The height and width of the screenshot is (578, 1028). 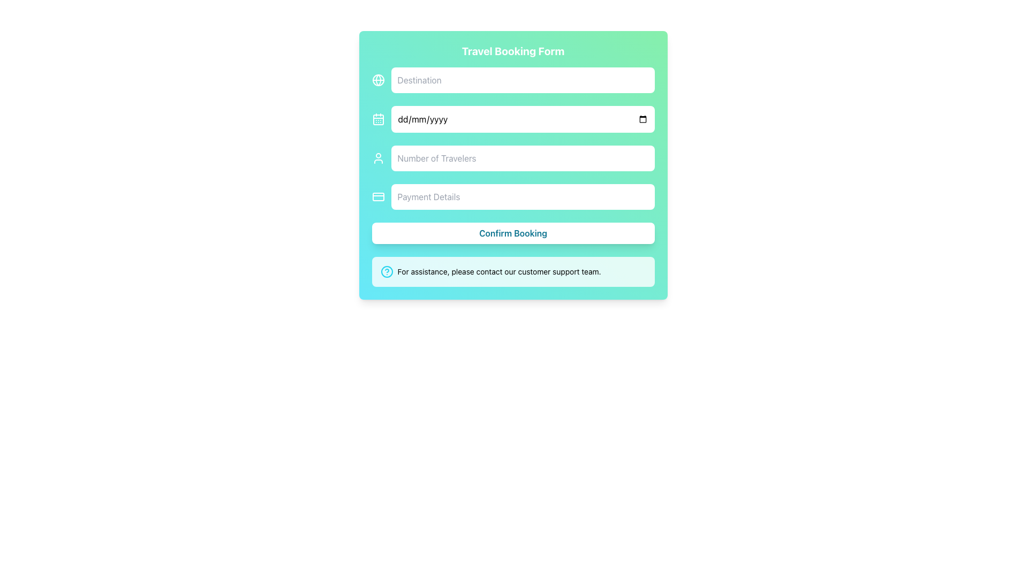 I want to click on the circular outline of the globe-themed icon located to the left of the 'Destination' input field, so click(x=378, y=80).